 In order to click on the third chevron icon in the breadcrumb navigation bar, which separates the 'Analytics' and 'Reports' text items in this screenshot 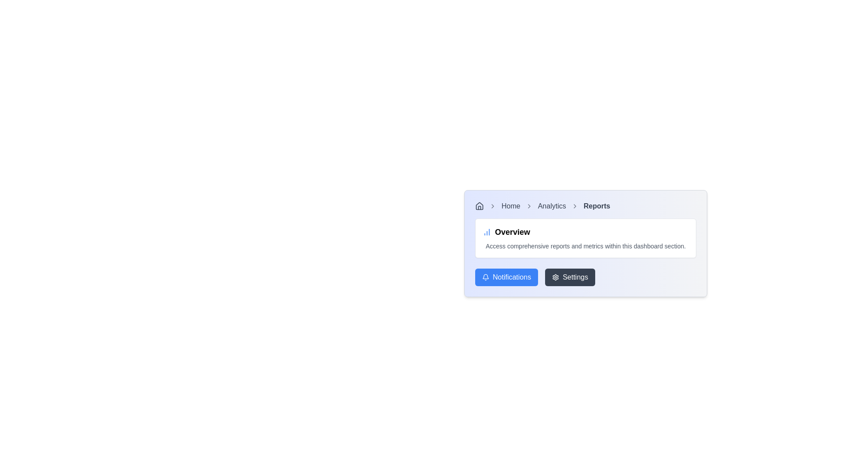, I will do `click(575, 206)`.